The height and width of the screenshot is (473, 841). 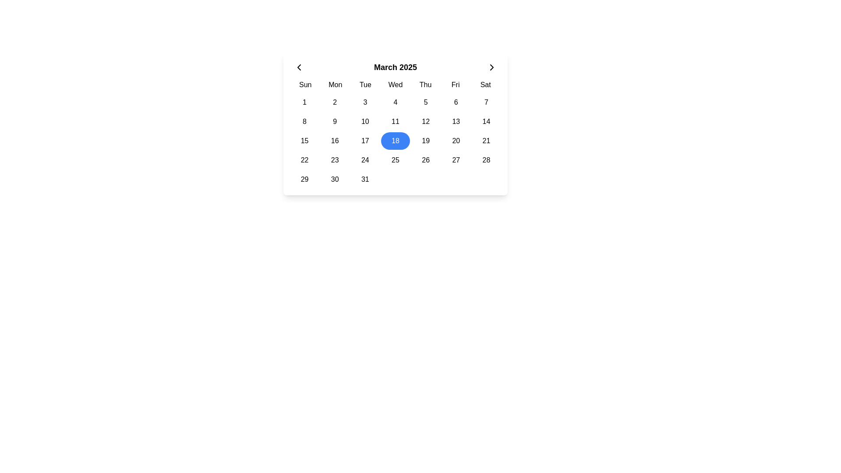 What do you see at coordinates (334, 179) in the screenshot?
I see `the button representing the date '30' in the calendar` at bounding box center [334, 179].